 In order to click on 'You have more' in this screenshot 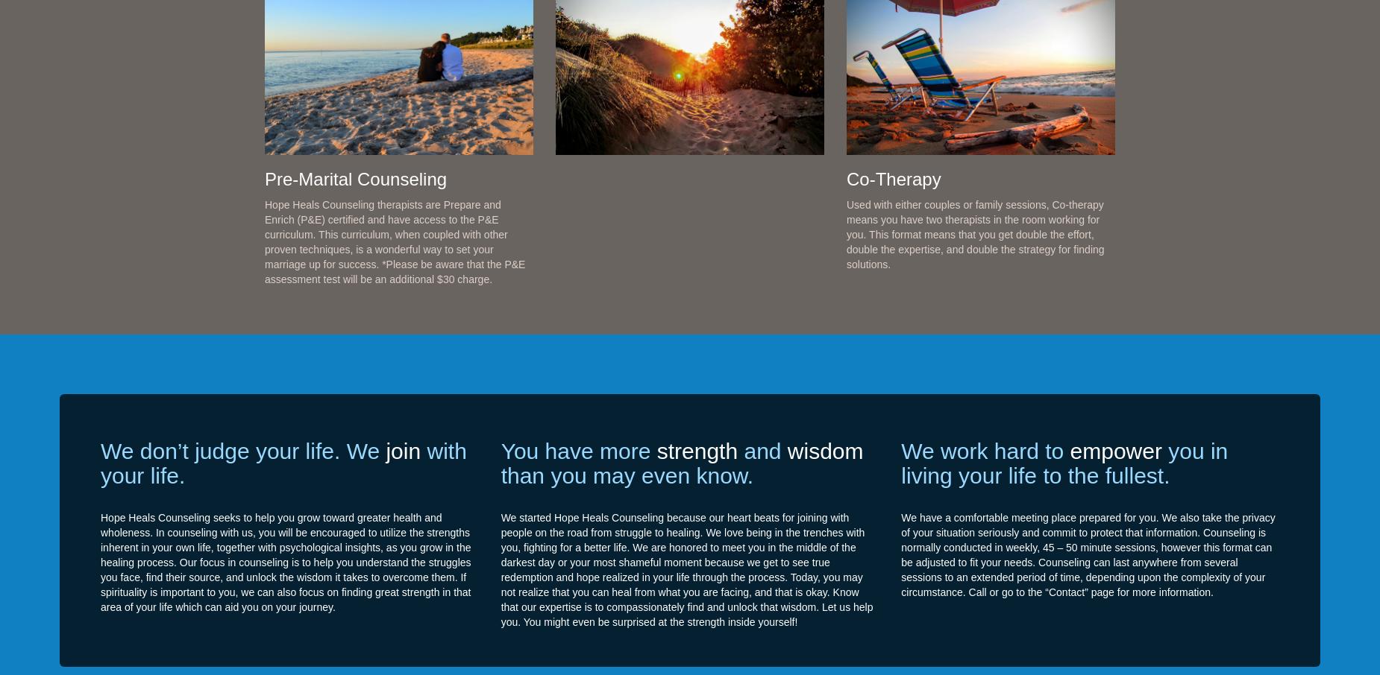, I will do `click(578, 450)`.